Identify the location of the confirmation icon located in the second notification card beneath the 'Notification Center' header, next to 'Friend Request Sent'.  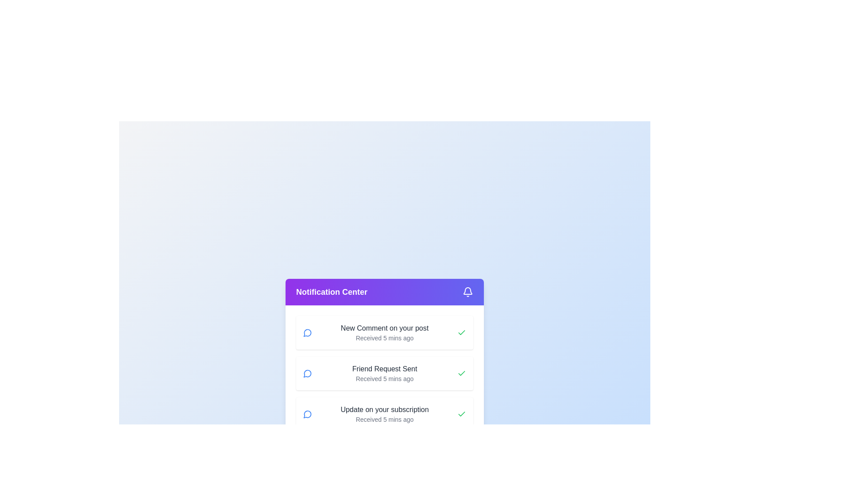
(461, 332).